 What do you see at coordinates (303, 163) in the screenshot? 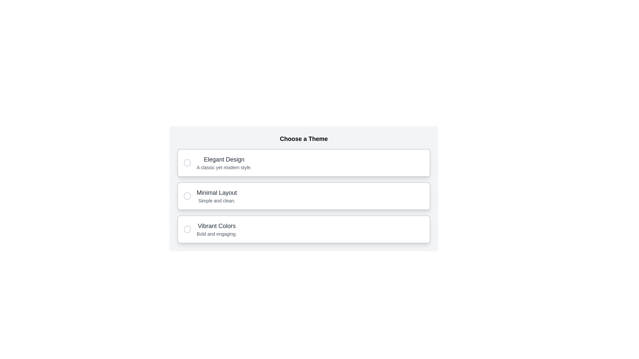
I see `the radio button for the 'Elegant Design' theme selection option, which is the first option in a vertical list of three` at bounding box center [303, 163].